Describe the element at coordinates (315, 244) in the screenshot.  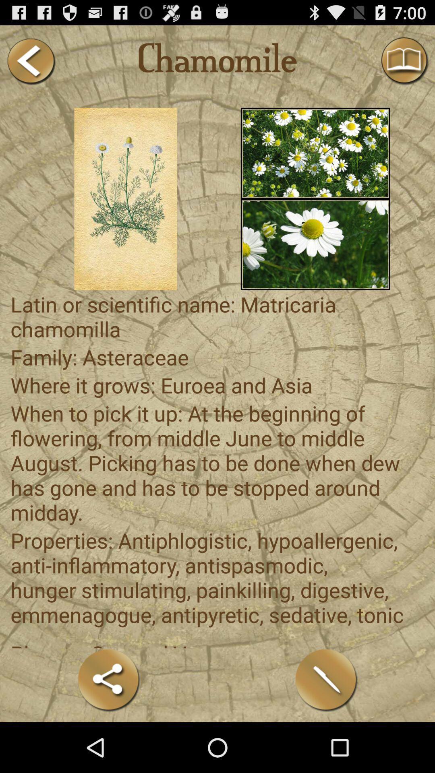
I see `this image was sun flower` at that location.